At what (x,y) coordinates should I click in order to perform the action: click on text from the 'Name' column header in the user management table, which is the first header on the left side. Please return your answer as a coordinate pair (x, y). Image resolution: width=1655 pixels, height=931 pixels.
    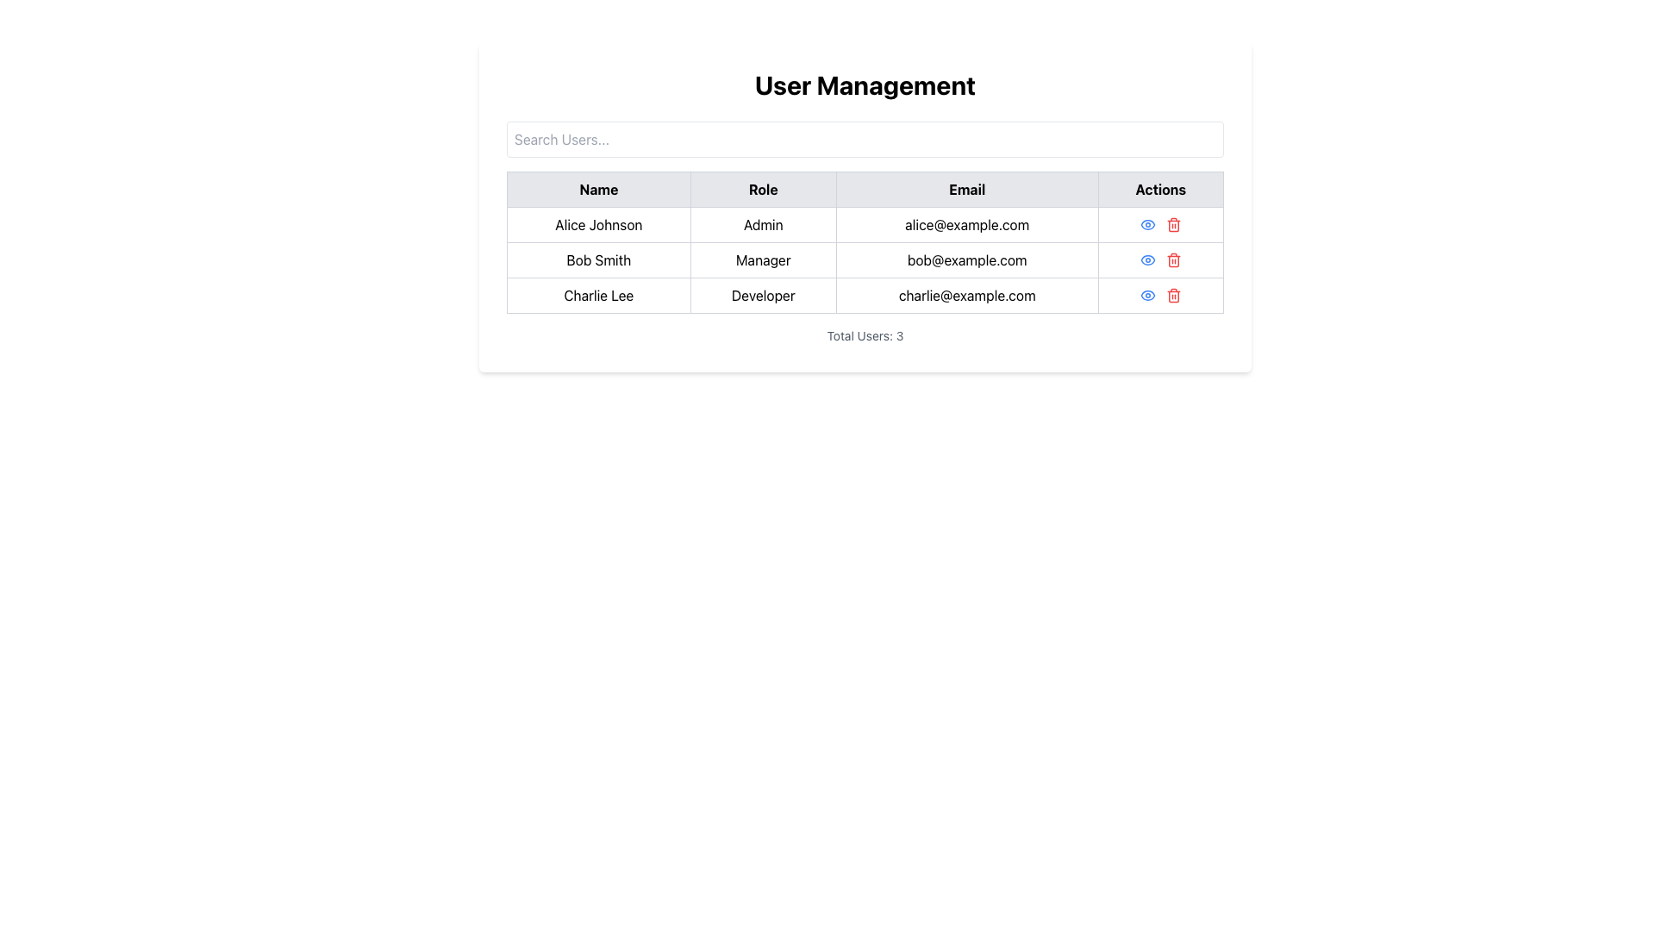
    Looking at the image, I should click on (598, 189).